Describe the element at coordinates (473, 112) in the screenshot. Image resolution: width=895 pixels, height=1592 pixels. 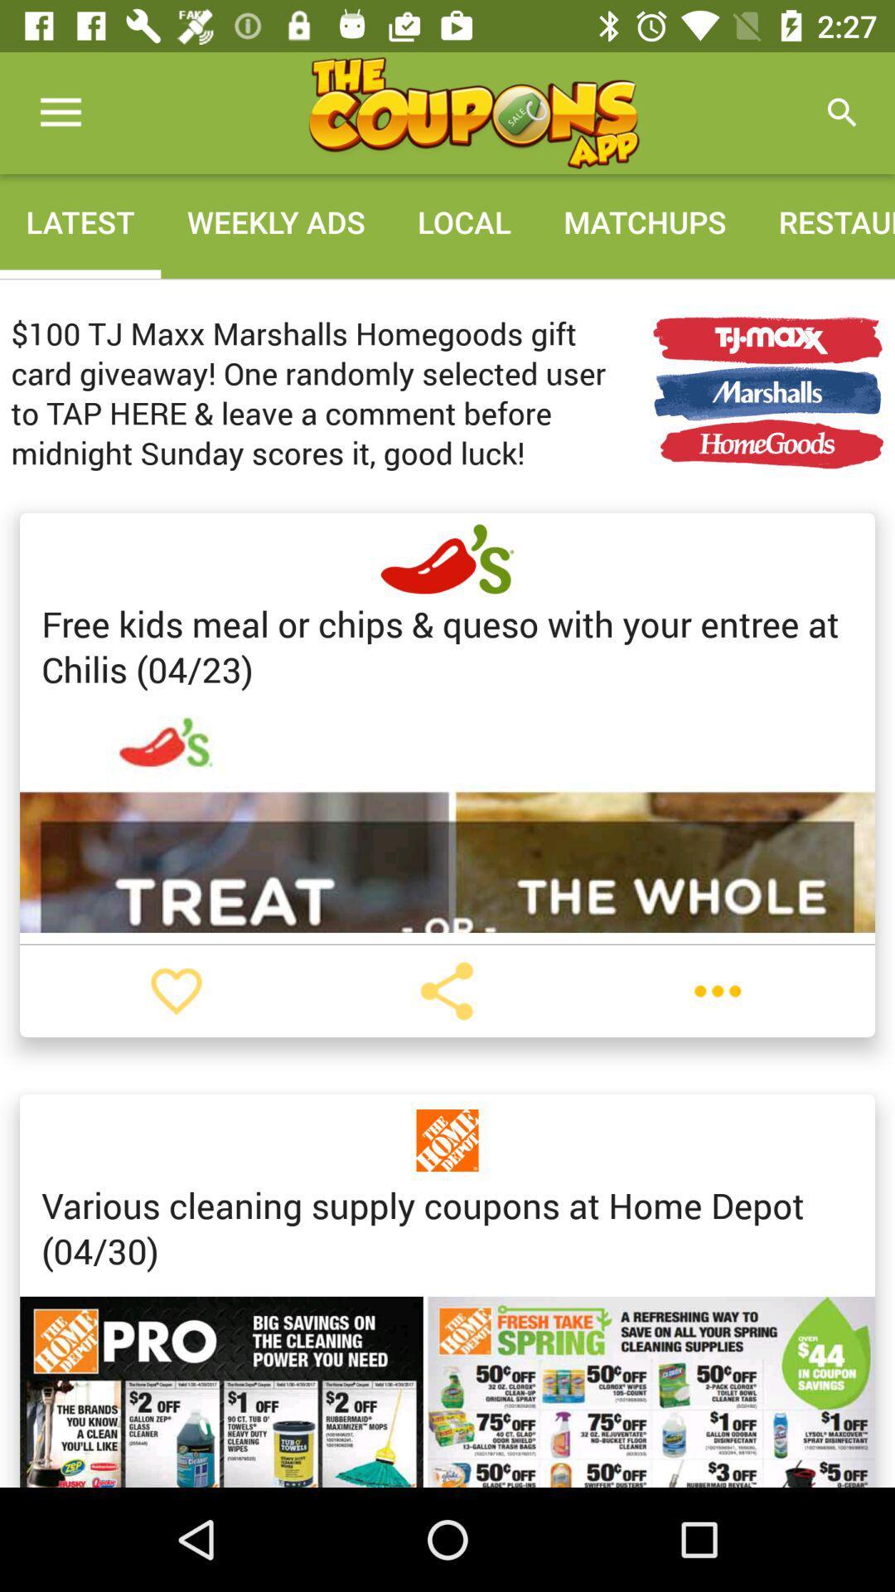
I see `app logo` at that location.